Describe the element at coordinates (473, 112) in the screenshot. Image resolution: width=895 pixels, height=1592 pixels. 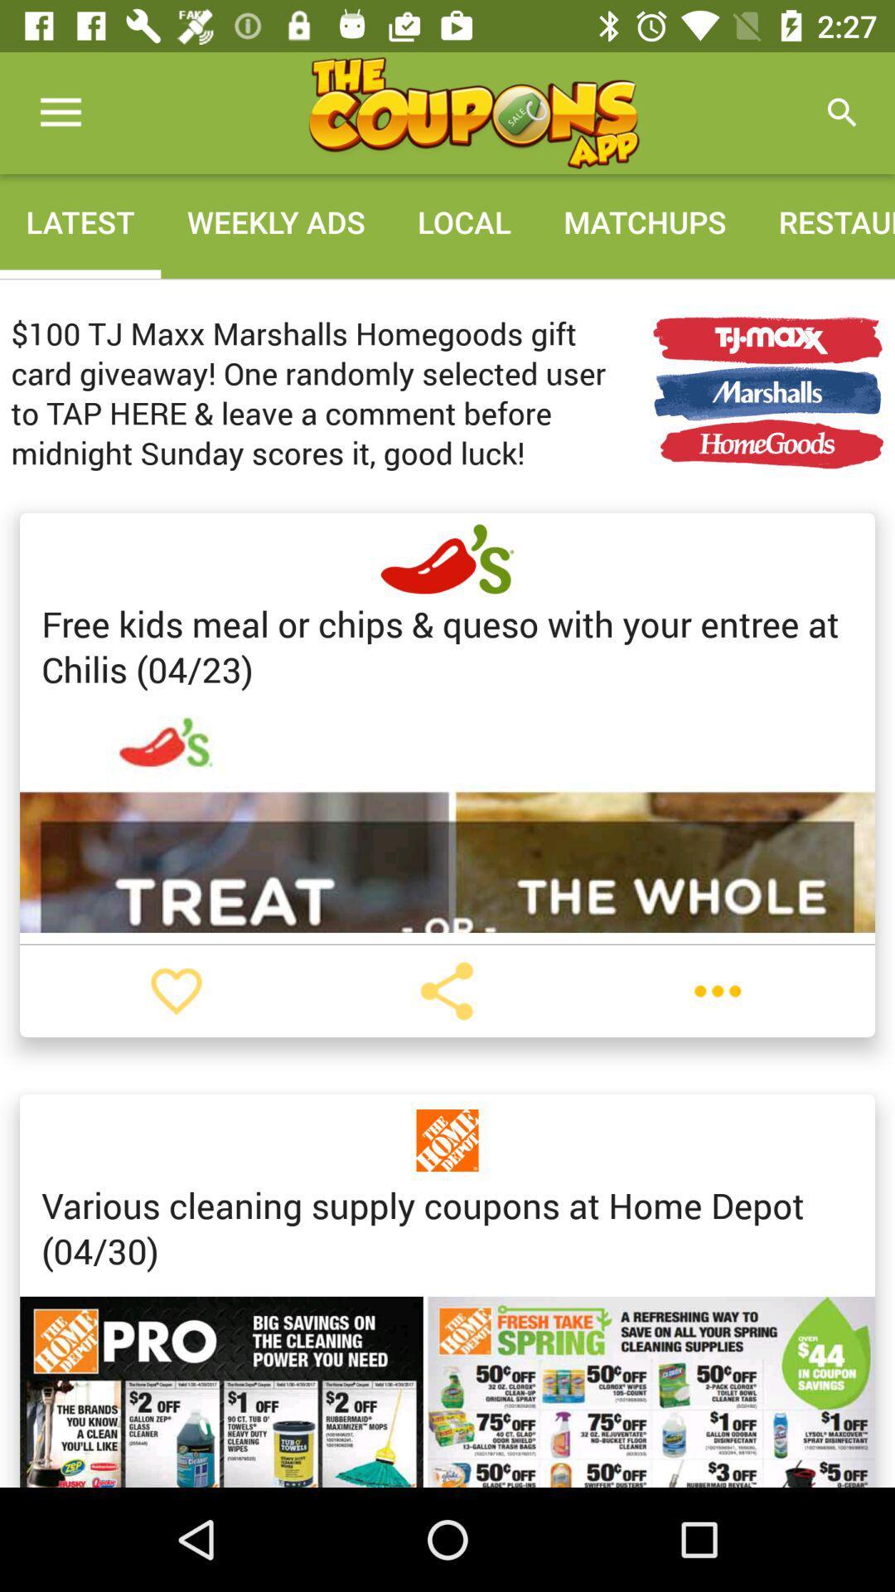
I see `app logo` at that location.